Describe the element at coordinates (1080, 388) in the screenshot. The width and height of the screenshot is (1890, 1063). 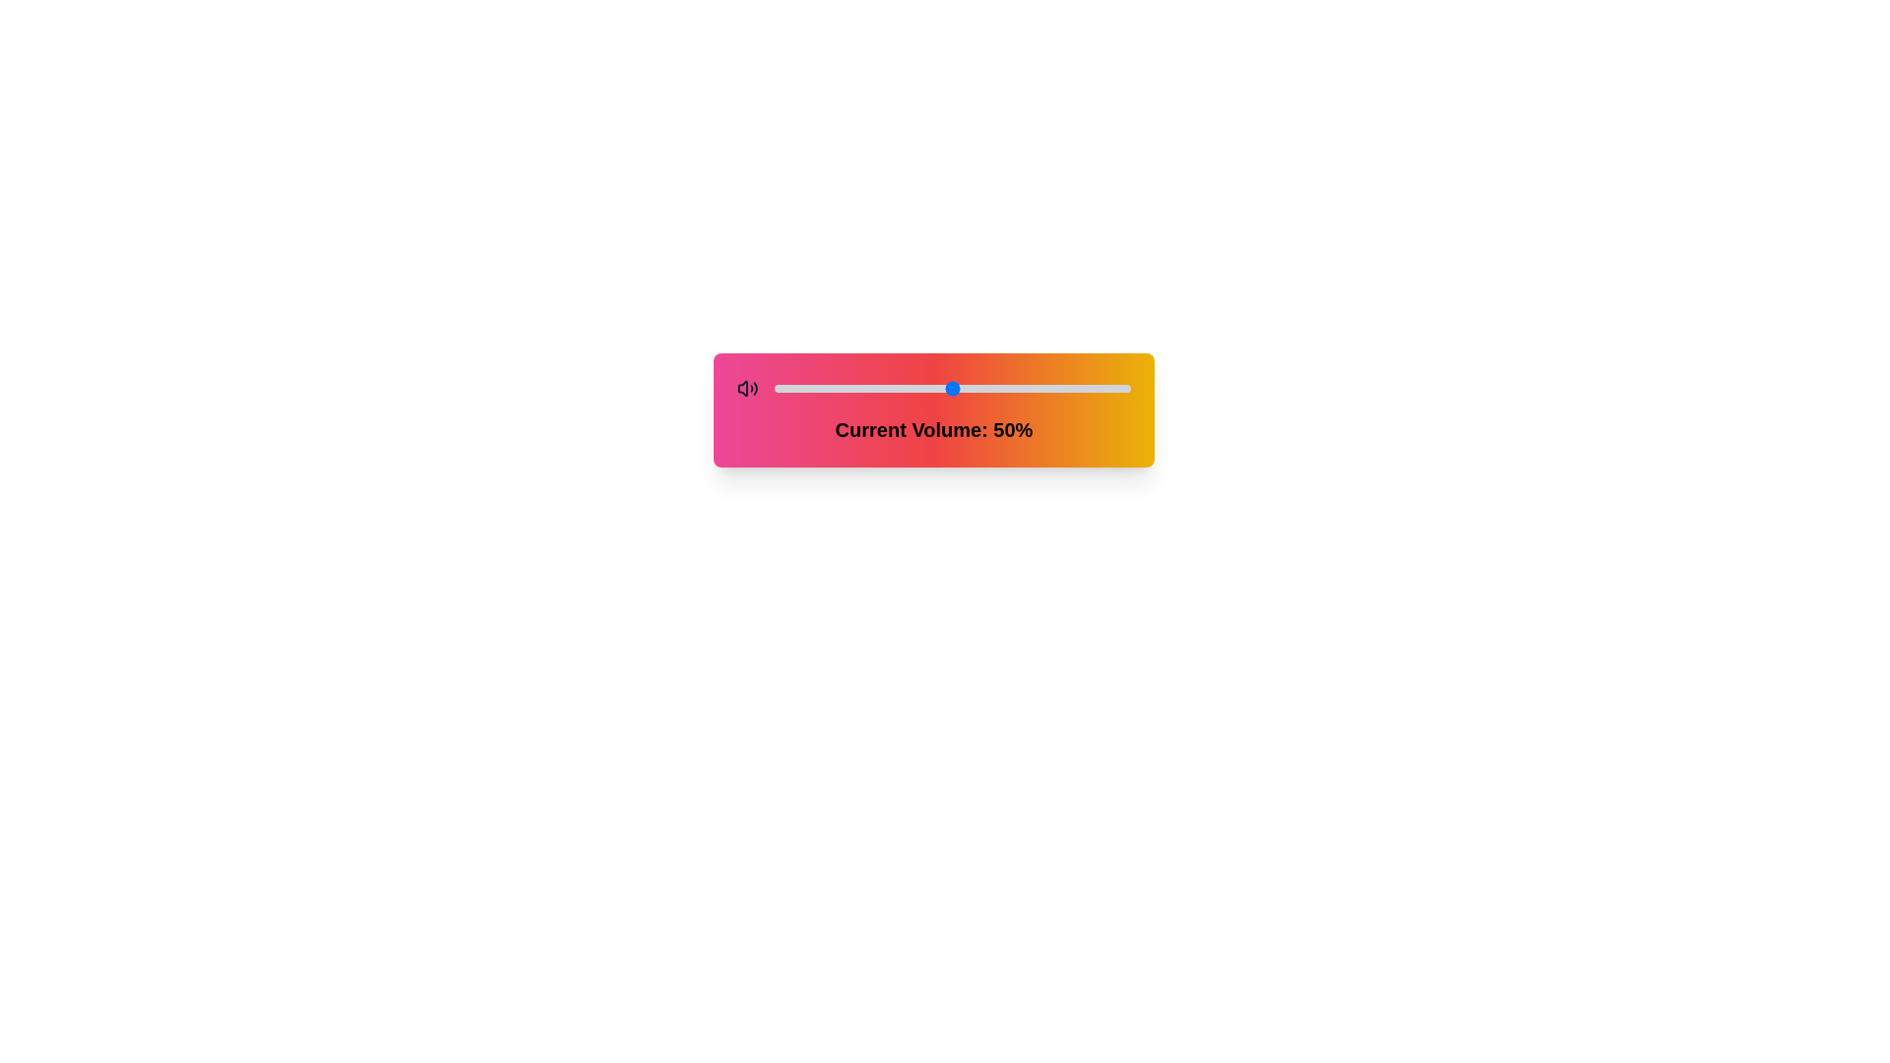
I see `the volume slider to 86%, observing the icon change dynamically` at that location.